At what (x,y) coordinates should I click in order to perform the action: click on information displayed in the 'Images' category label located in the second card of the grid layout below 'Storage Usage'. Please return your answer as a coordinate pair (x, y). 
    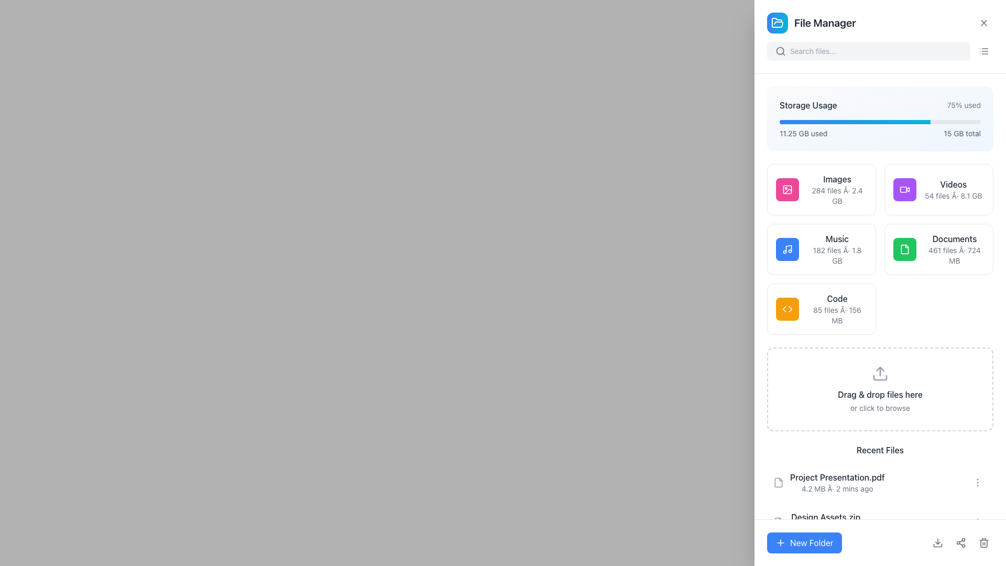
    Looking at the image, I should click on (837, 190).